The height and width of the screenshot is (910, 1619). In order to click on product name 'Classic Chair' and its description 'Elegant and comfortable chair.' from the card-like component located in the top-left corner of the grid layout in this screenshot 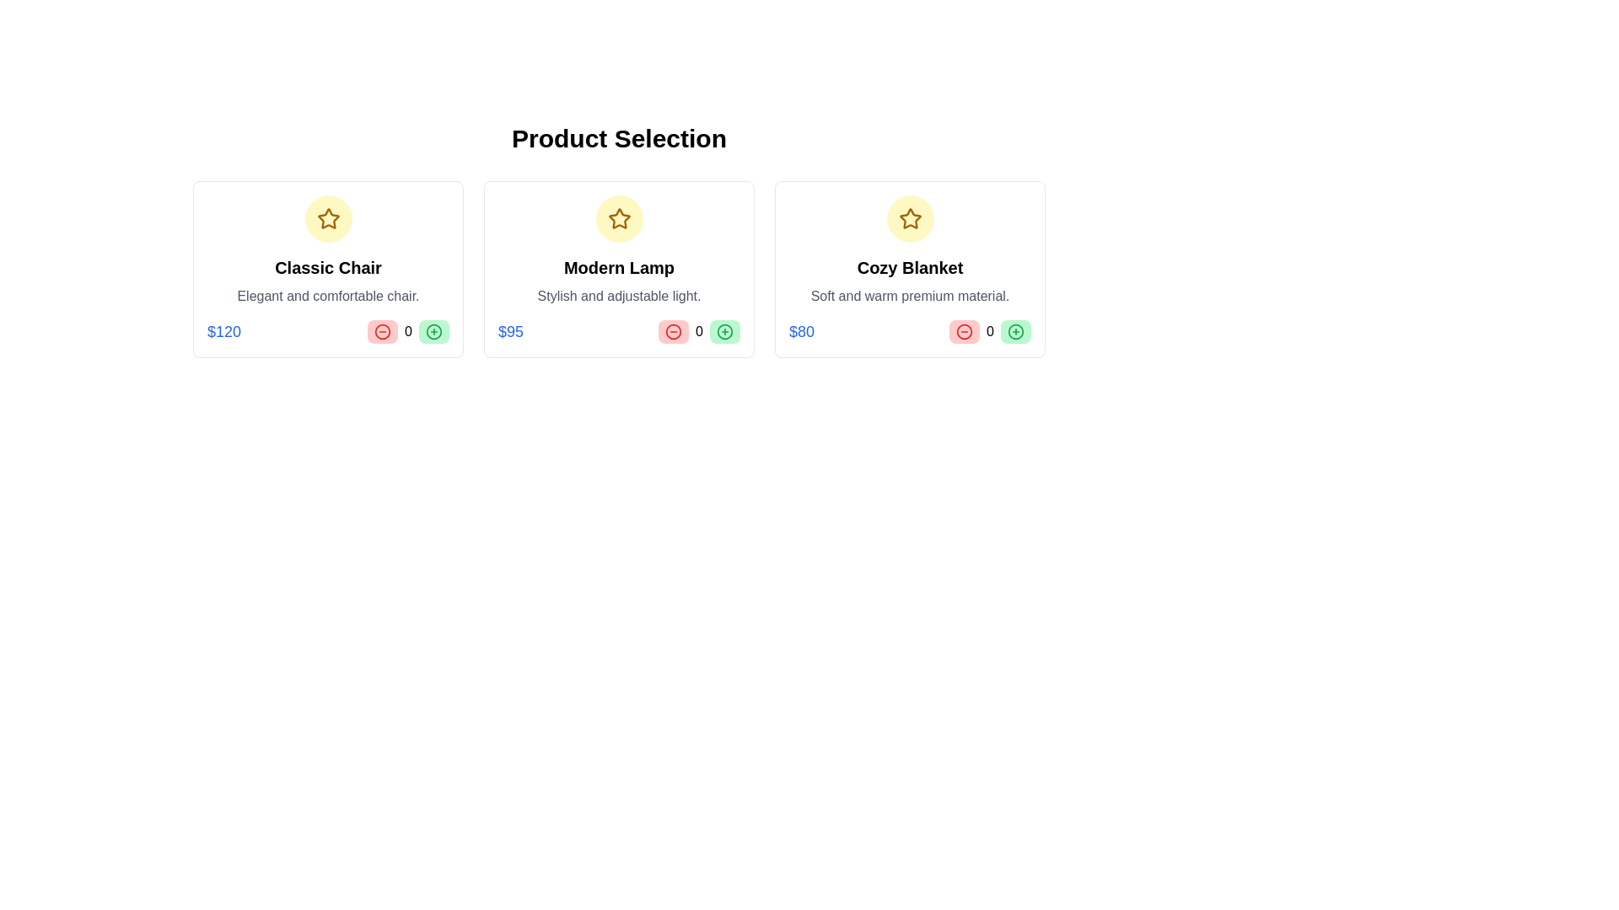, I will do `click(328, 269)`.